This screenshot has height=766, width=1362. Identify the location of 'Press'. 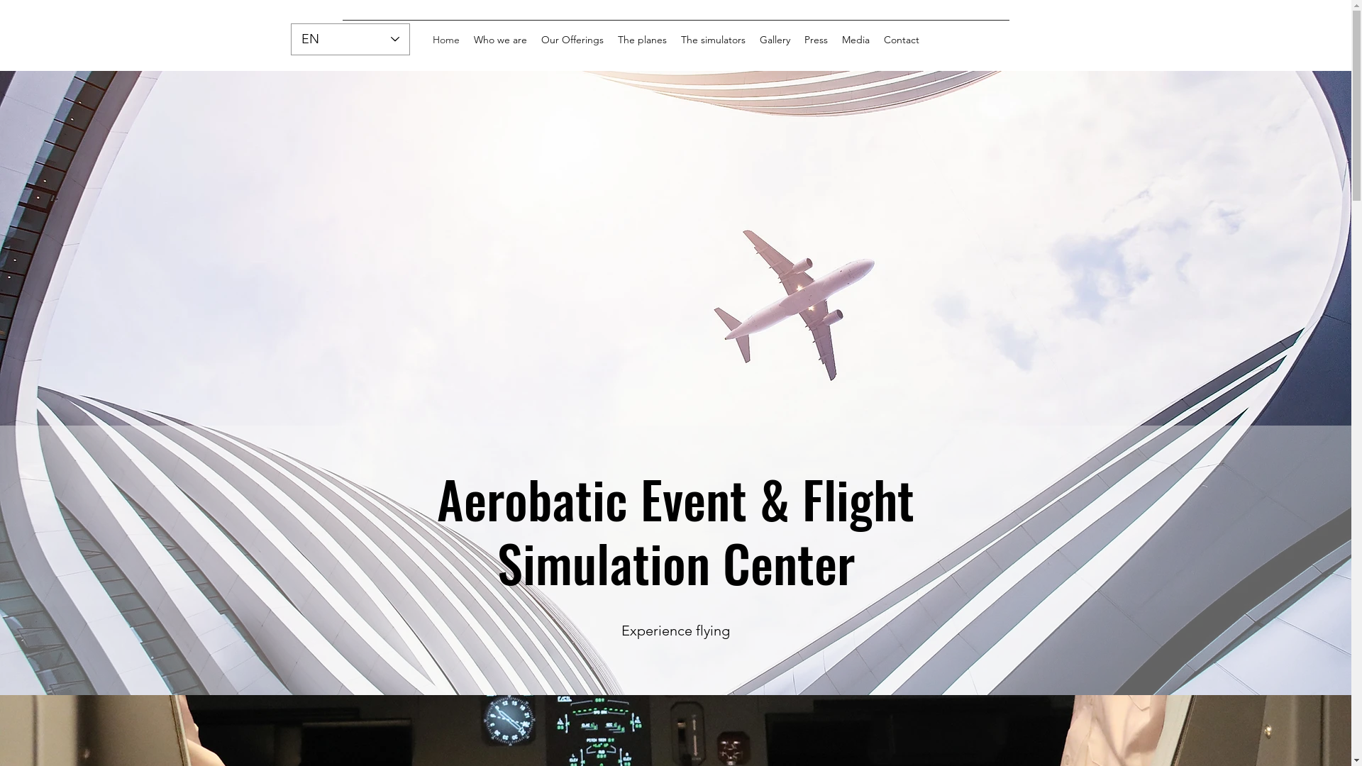
(816, 39).